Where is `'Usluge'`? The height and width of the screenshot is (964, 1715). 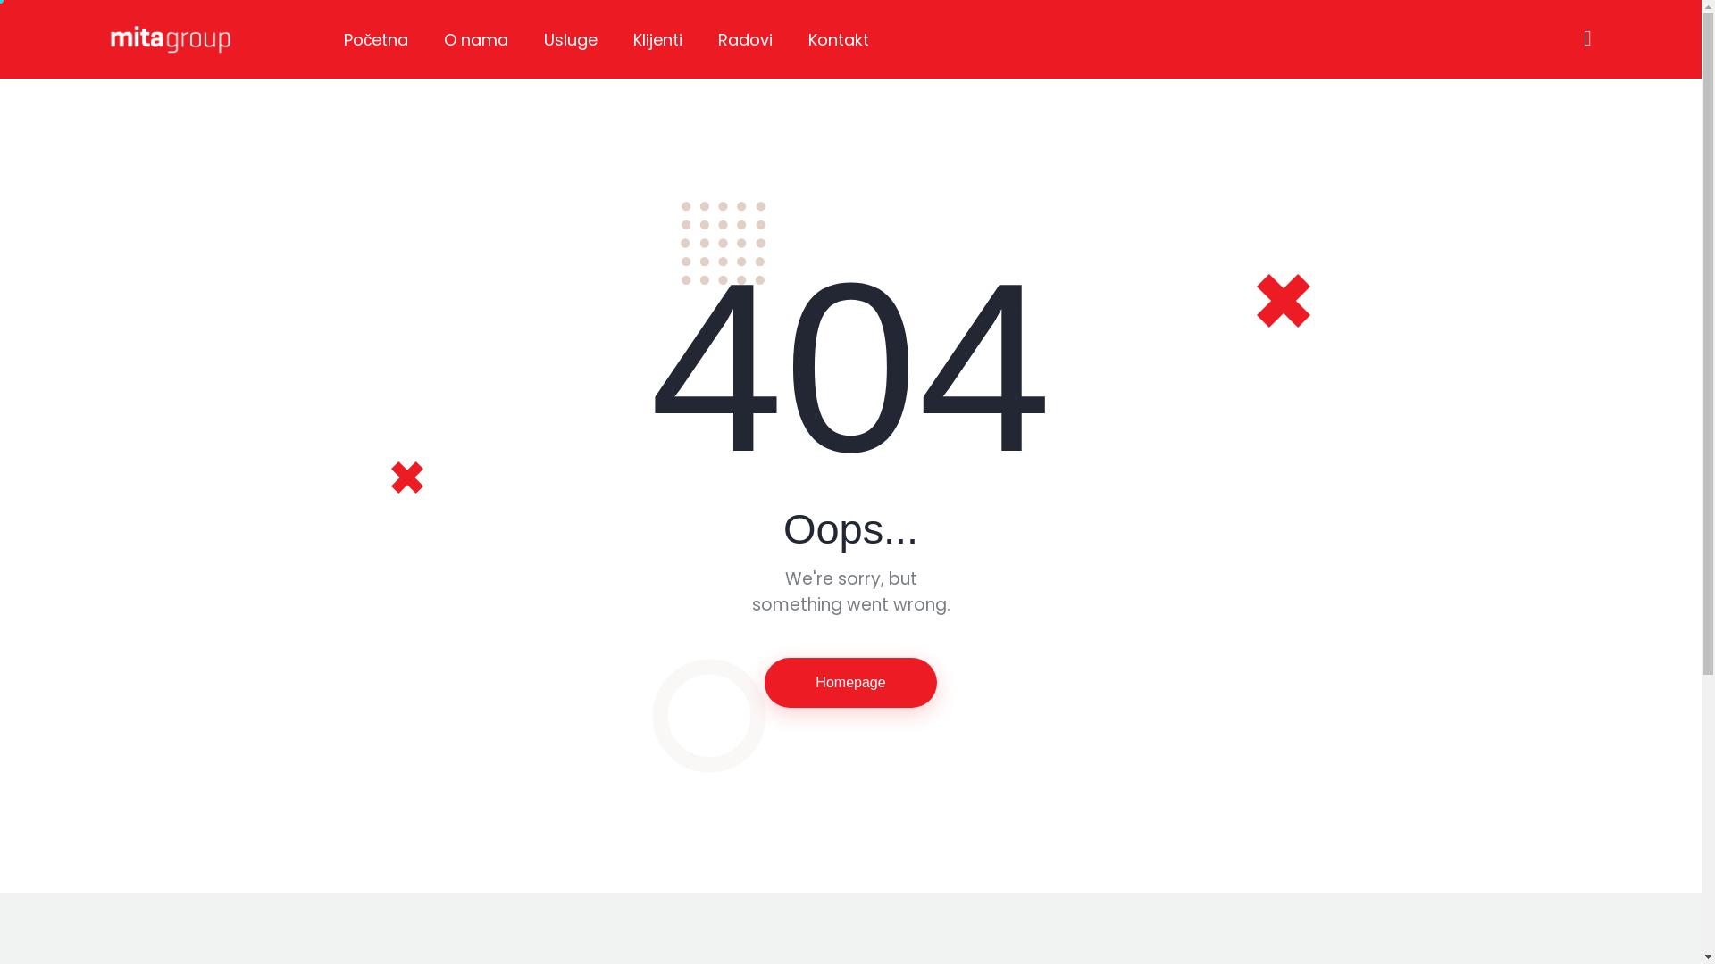
'Usluge' is located at coordinates (569, 40).